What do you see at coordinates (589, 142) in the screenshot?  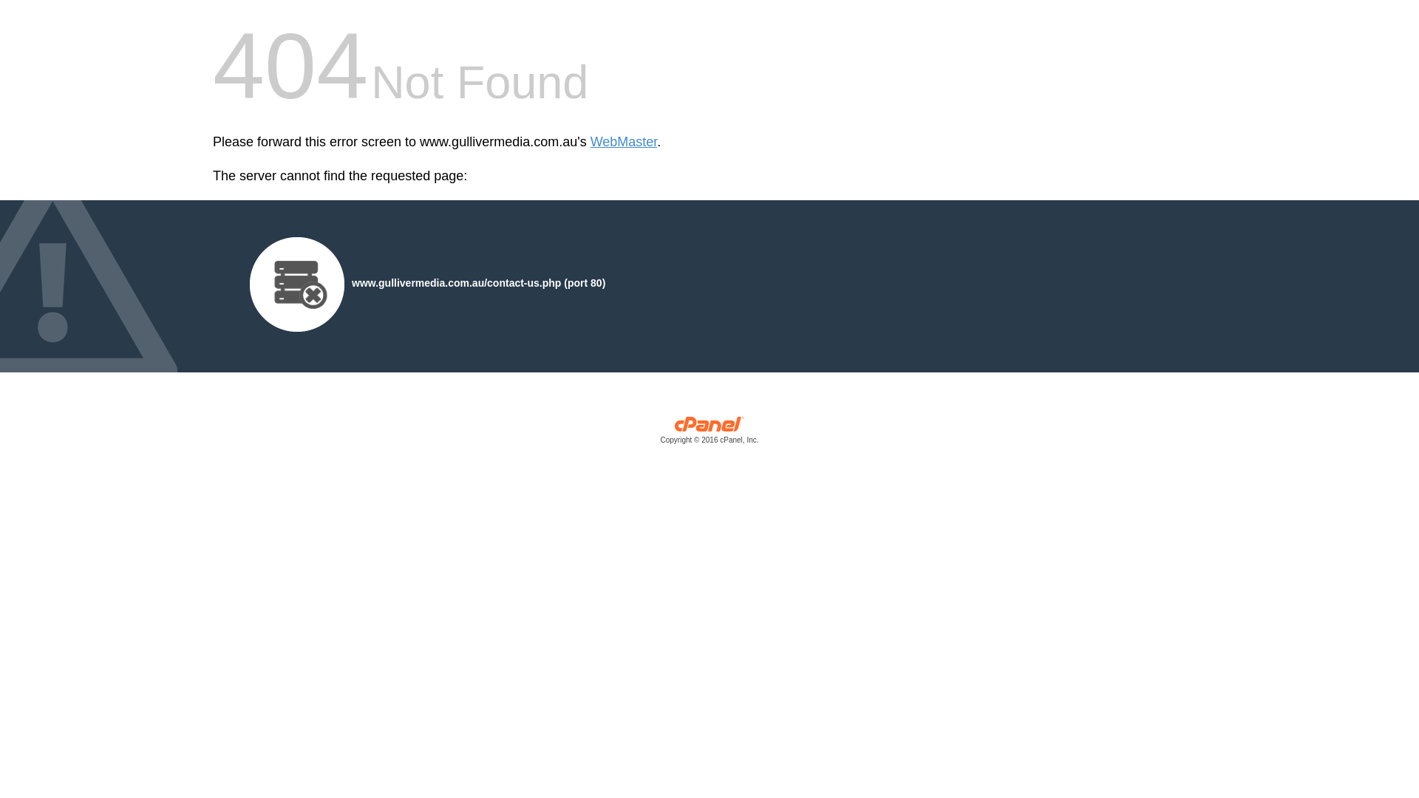 I see `'WebMaster'` at bounding box center [589, 142].